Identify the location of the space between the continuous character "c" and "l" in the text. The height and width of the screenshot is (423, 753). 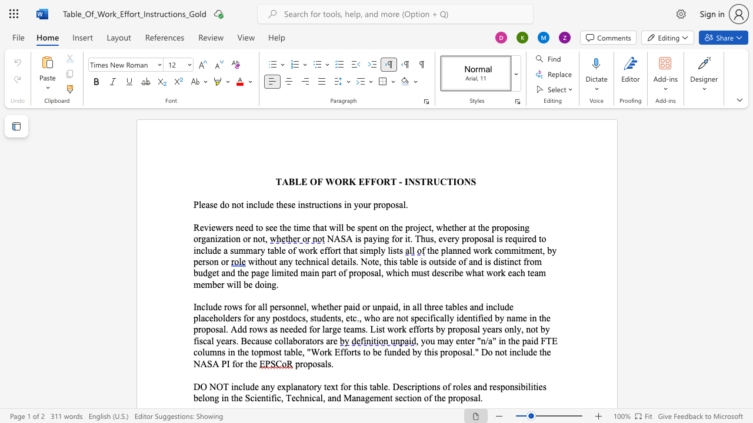
(204, 250).